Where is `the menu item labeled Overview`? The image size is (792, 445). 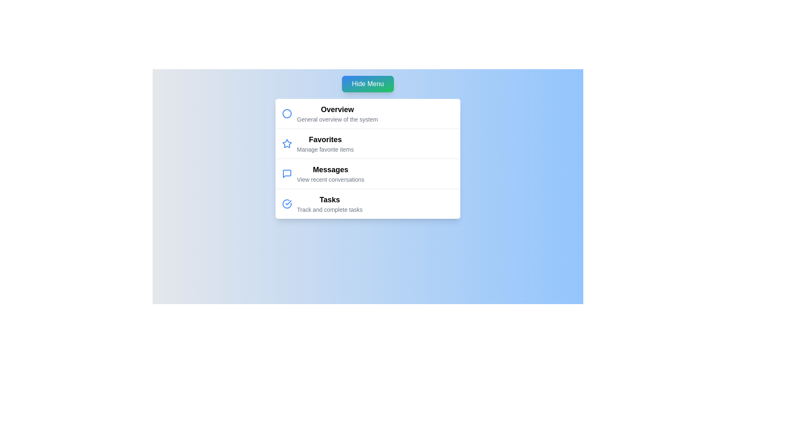 the menu item labeled Overview is located at coordinates (337, 109).